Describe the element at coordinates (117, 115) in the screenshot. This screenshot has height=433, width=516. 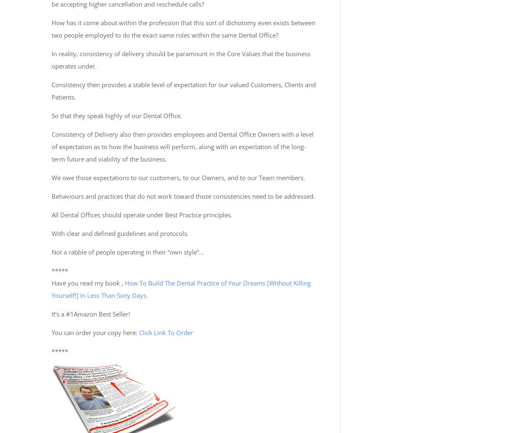
I see `'So that they speak highly of our Dental Office.'` at that location.